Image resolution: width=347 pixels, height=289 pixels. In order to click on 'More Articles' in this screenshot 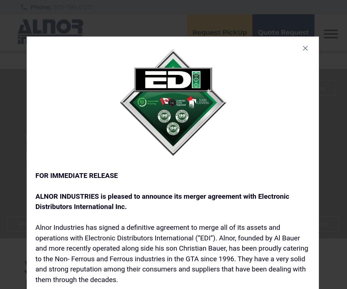, I will do `click(304, 87)`.